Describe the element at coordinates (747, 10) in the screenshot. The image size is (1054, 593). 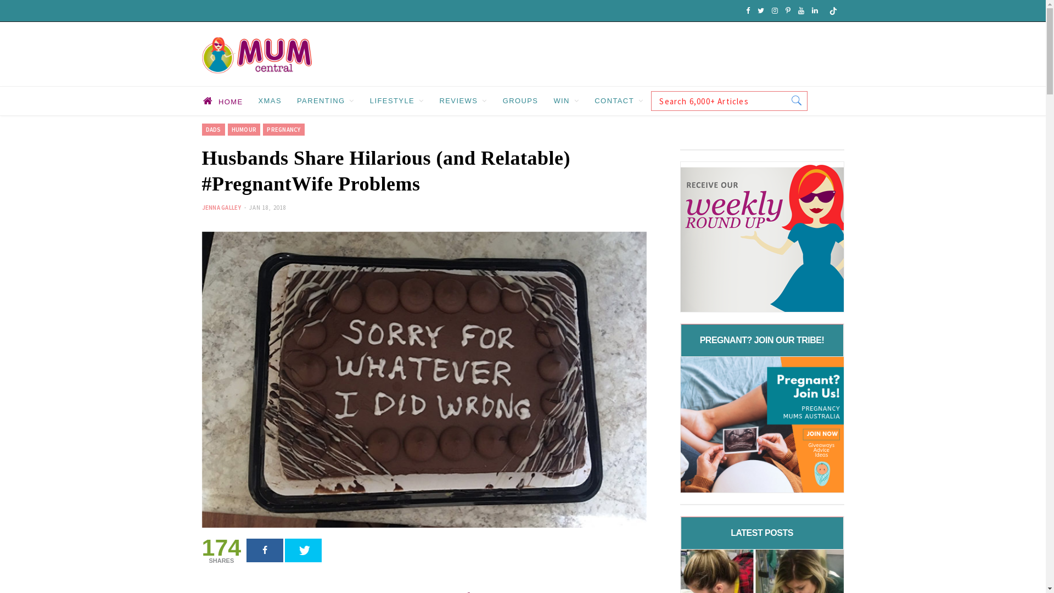
I see `'Facebook'` at that location.